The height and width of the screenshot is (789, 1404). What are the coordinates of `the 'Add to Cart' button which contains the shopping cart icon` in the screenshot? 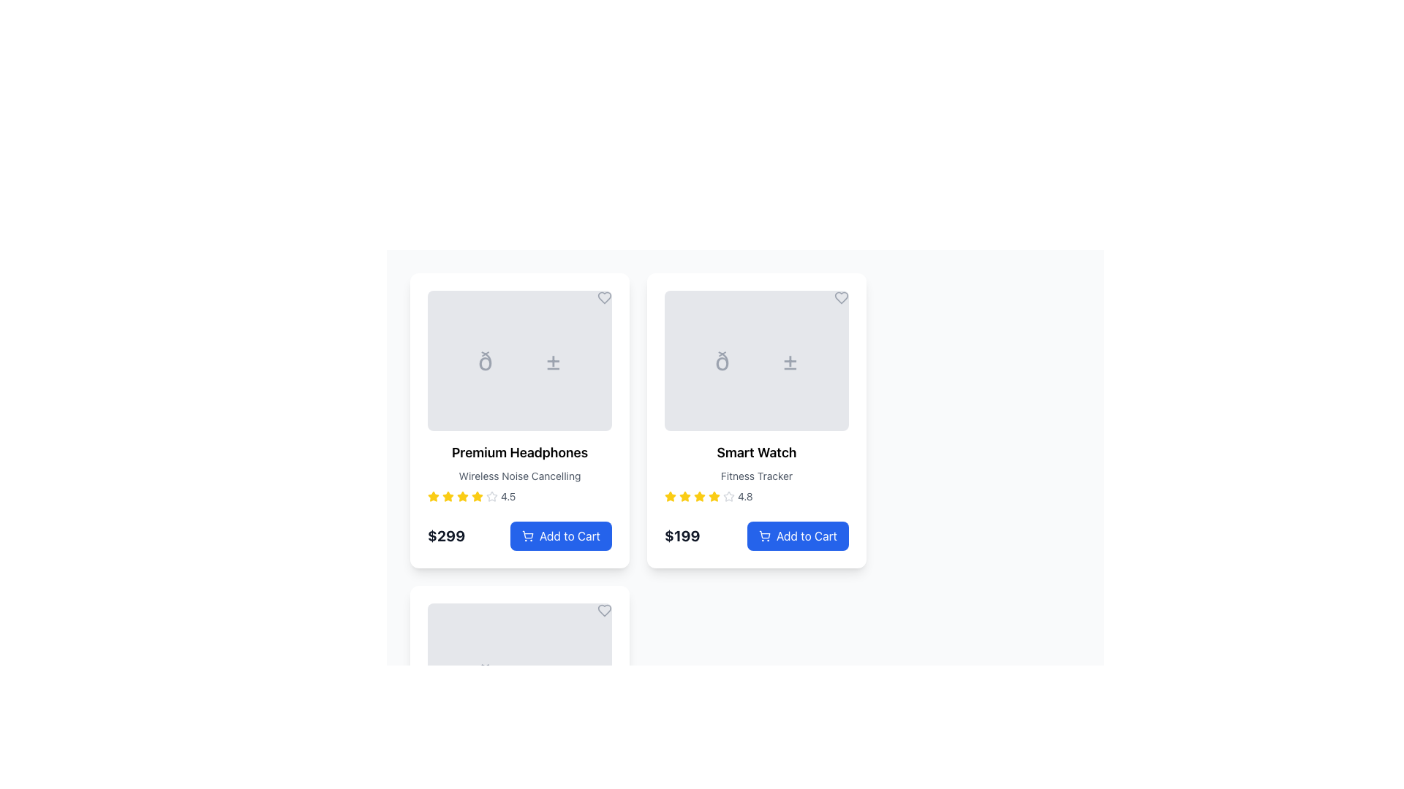 It's located at (764, 535).